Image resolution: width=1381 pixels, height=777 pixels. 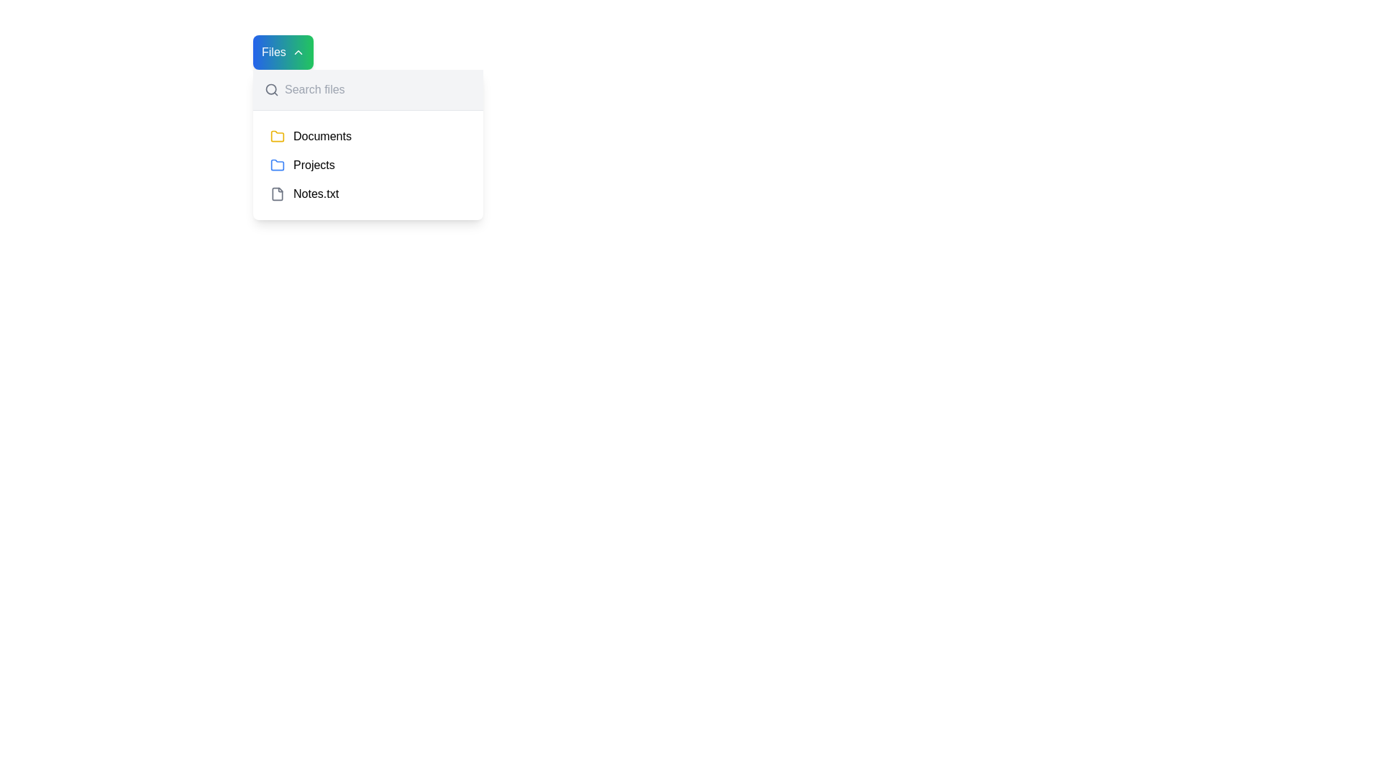 What do you see at coordinates (271, 89) in the screenshot?
I see `the hollow circle of the magnifying glass icon, which is part of the search bar at the top section of the dropdown menu` at bounding box center [271, 89].